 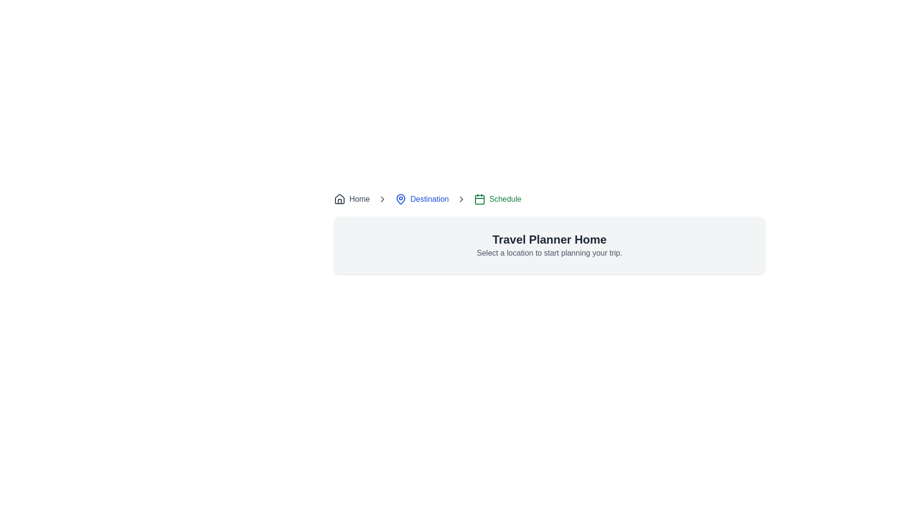 What do you see at coordinates (400, 198) in the screenshot?
I see `the small blue map pin icon located to the left of the 'Destination' text in the navigation breadcrumb layout` at bounding box center [400, 198].